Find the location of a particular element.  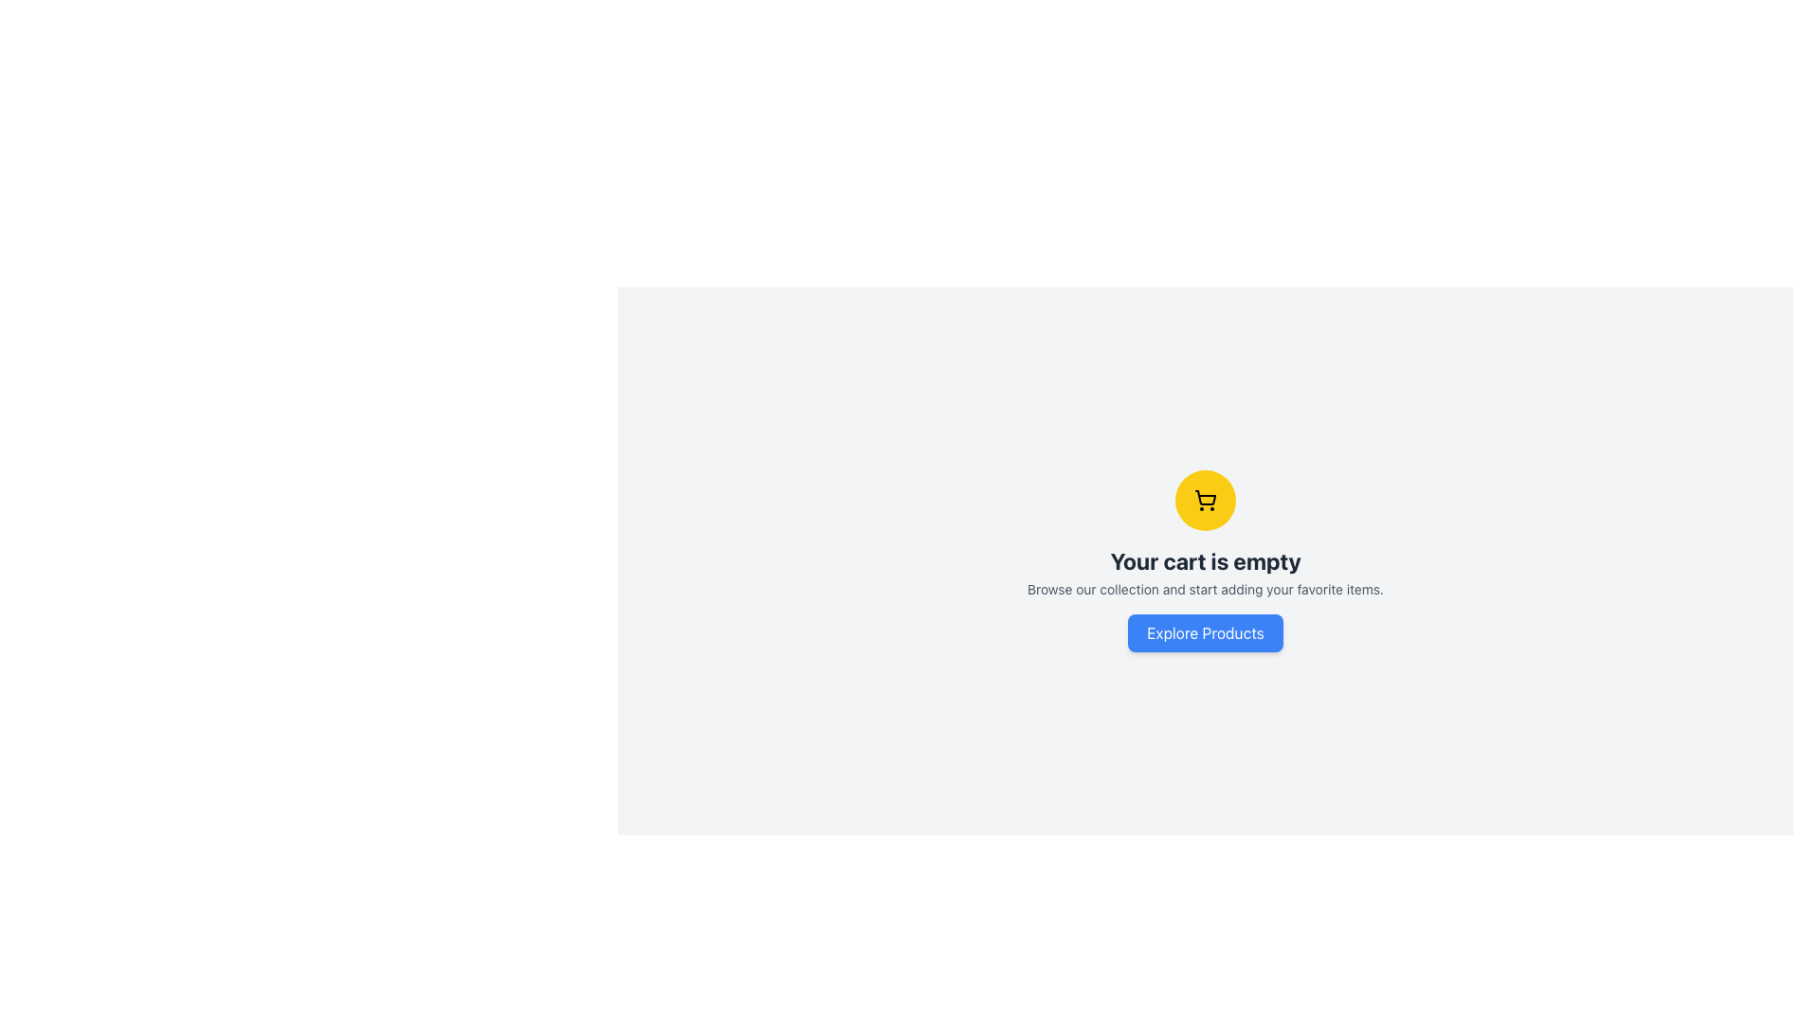

the blue button labeled 'Explore Products' located below the text 'Your cart is empty' is located at coordinates (1205, 632).